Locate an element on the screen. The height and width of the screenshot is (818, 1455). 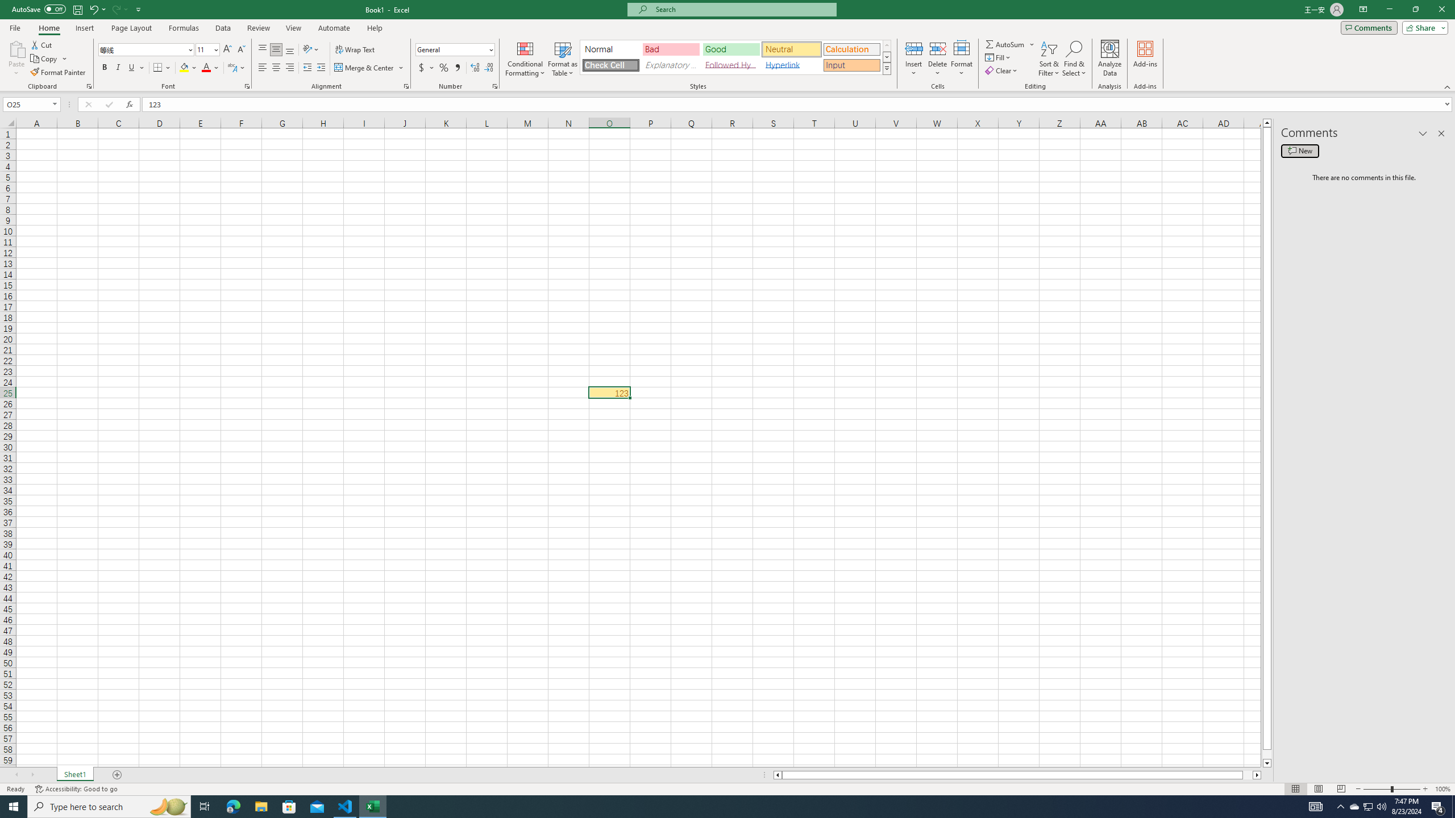
'Formulas' is located at coordinates (185, 28).